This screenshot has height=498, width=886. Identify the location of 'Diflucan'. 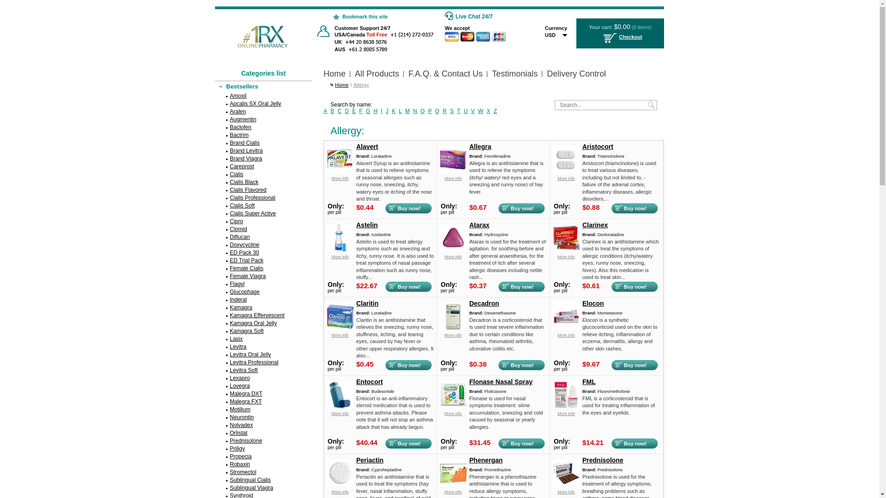
(263, 237).